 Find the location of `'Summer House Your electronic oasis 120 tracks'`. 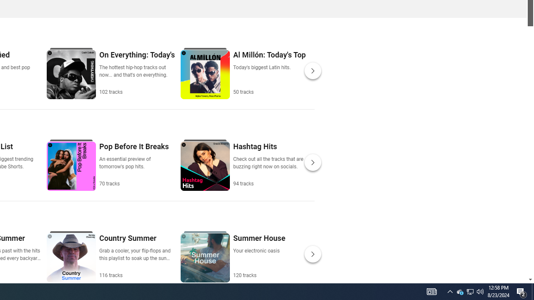

'Summer House Your electronic oasis 120 tracks' is located at coordinates (258, 255).